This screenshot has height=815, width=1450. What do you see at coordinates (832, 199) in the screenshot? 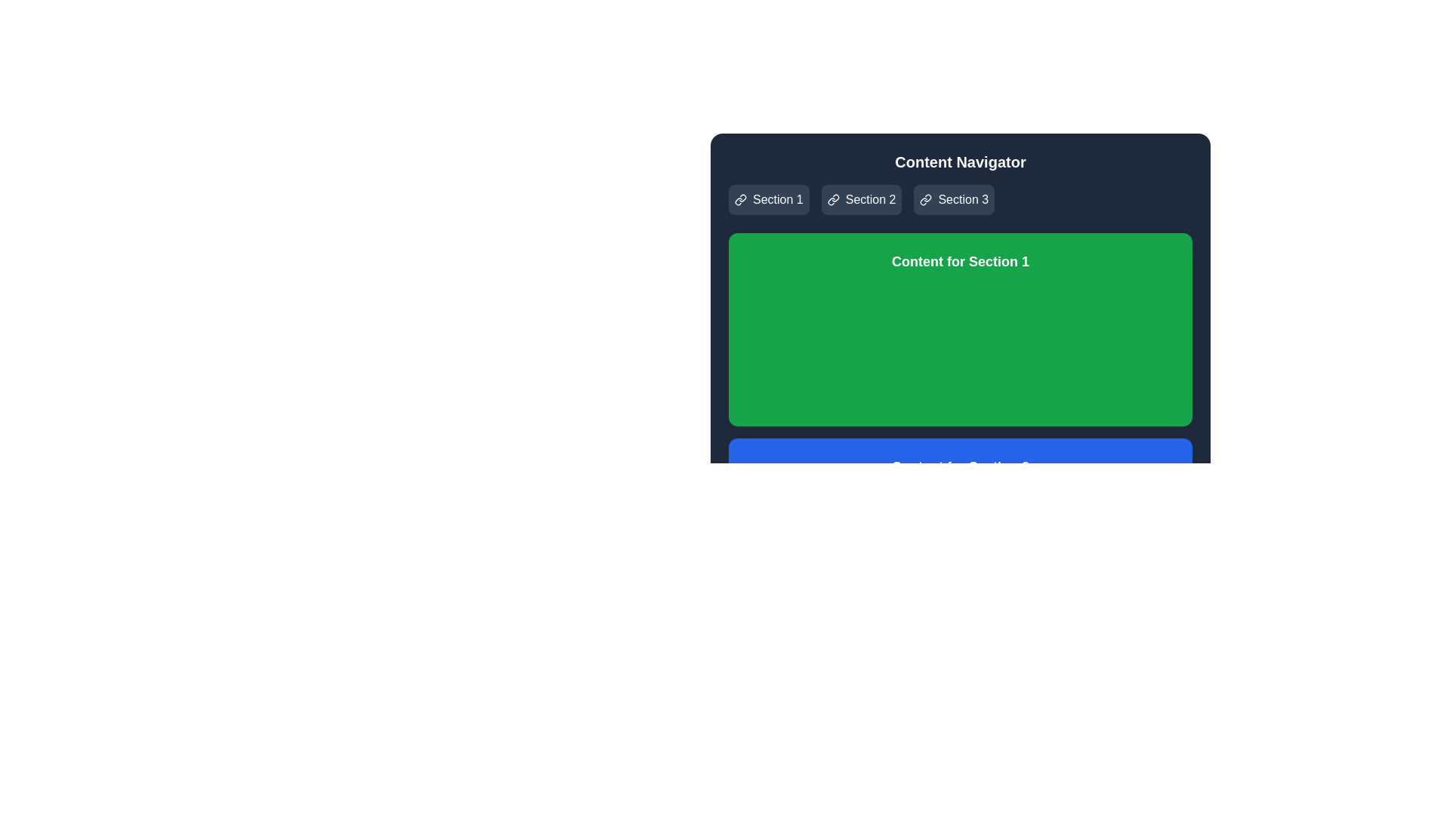
I see `the hyperlink icon located in the header navigation bar preceding the 'Section 2' text to interact with it, as it is associated with the functionality of the 'Section 2' link` at bounding box center [832, 199].